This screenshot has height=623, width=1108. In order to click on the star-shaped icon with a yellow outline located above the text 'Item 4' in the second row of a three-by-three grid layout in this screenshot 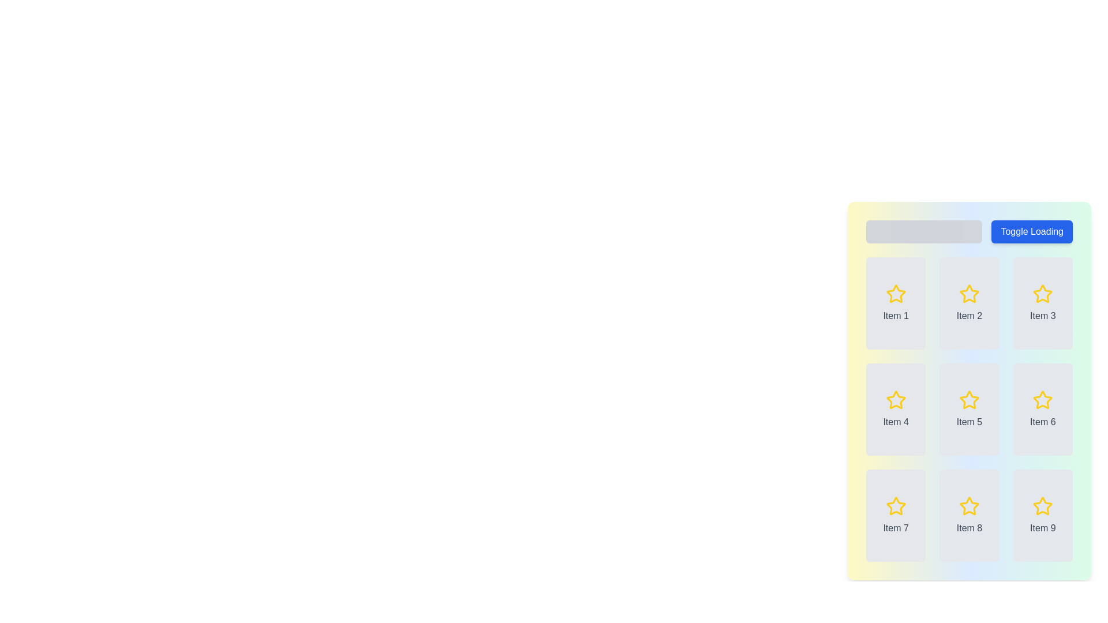, I will do `click(895, 400)`.